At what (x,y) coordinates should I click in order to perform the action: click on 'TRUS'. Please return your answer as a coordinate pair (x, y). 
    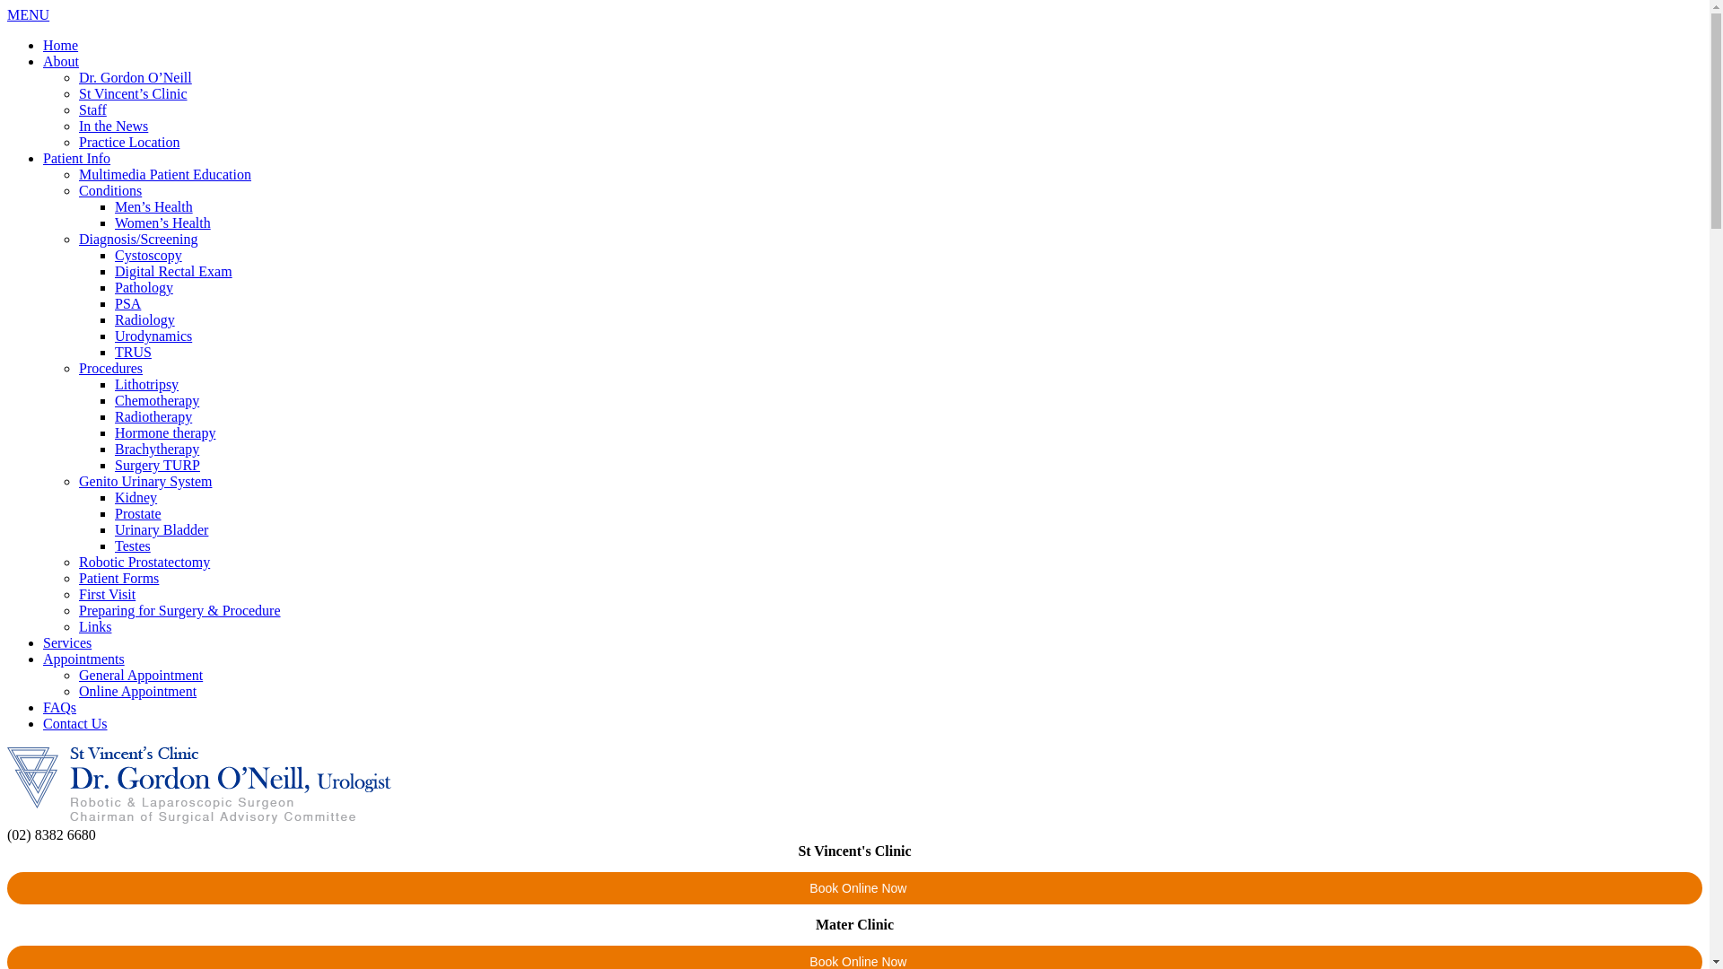
    Looking at the image, I should click on (114, 352).